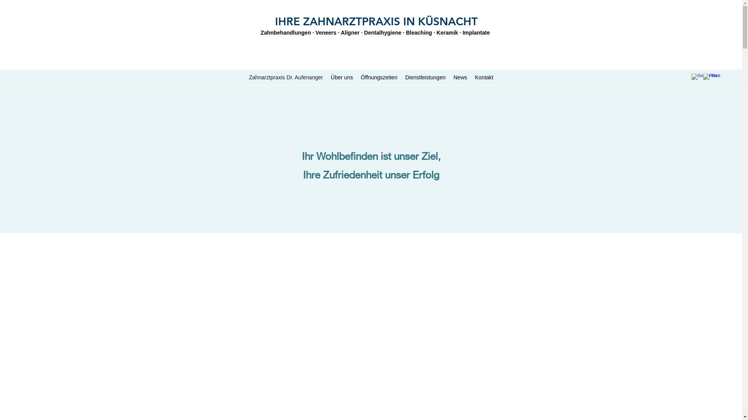  What do you see at coordinates (483, 77) in the screenshot?
I see `'Kontakt'` at bounding box center [483, 77].